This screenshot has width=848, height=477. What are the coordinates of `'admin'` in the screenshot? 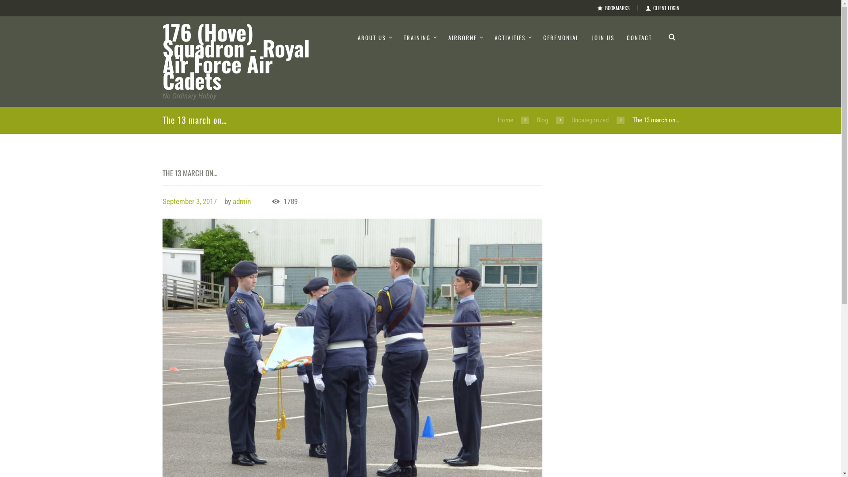 It's located at (242, 201).